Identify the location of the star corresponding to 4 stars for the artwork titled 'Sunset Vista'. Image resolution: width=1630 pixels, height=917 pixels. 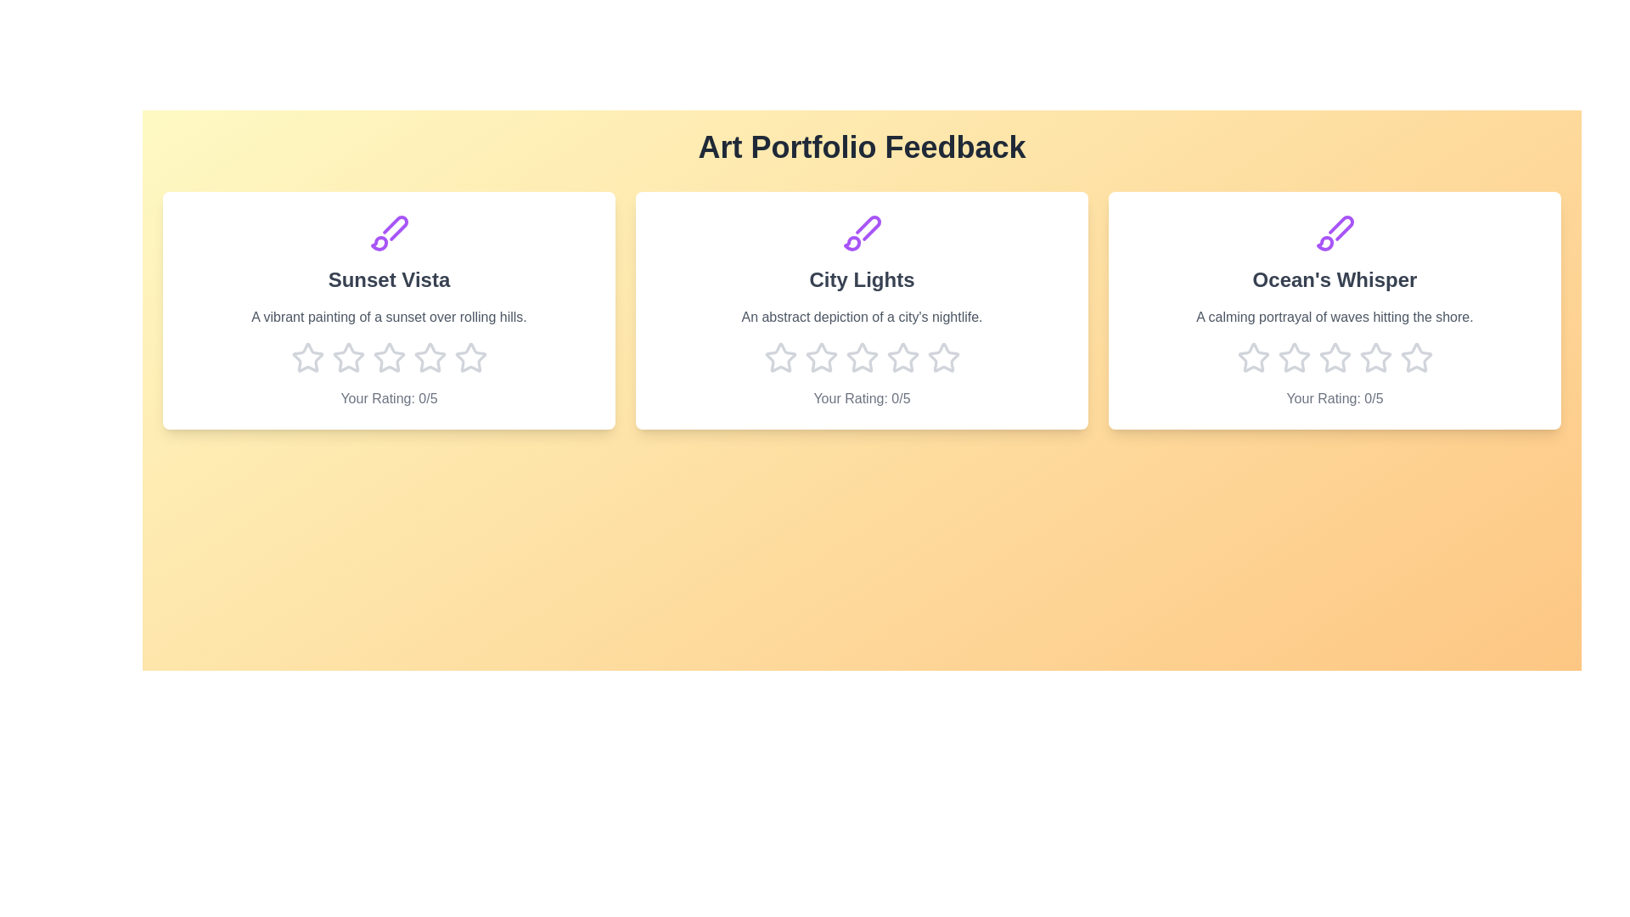
(430, 357).